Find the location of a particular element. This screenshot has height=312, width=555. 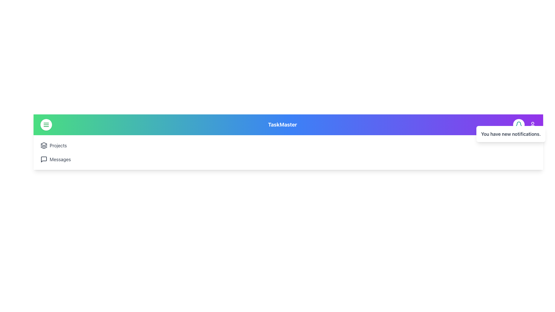

the text label located in the navigation sidebar, which is the second row below 'Projects' and to the right of the speech bubble icon is located at coordinates (60, 159).